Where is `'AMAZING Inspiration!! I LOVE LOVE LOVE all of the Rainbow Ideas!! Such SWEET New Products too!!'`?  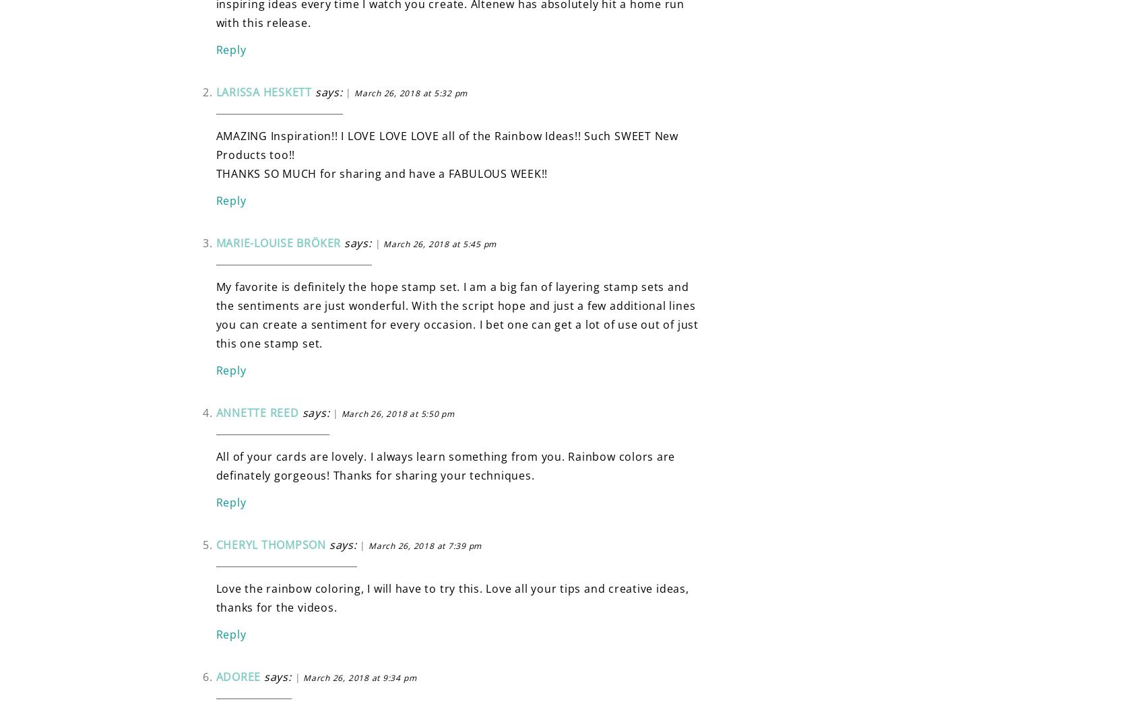 'AMAZING Inspiration!! I LOVE LOVE LOVE all of the Rainbow Ideas!! Such SWEET New Products too!!' is located at coordinates (446, 143).